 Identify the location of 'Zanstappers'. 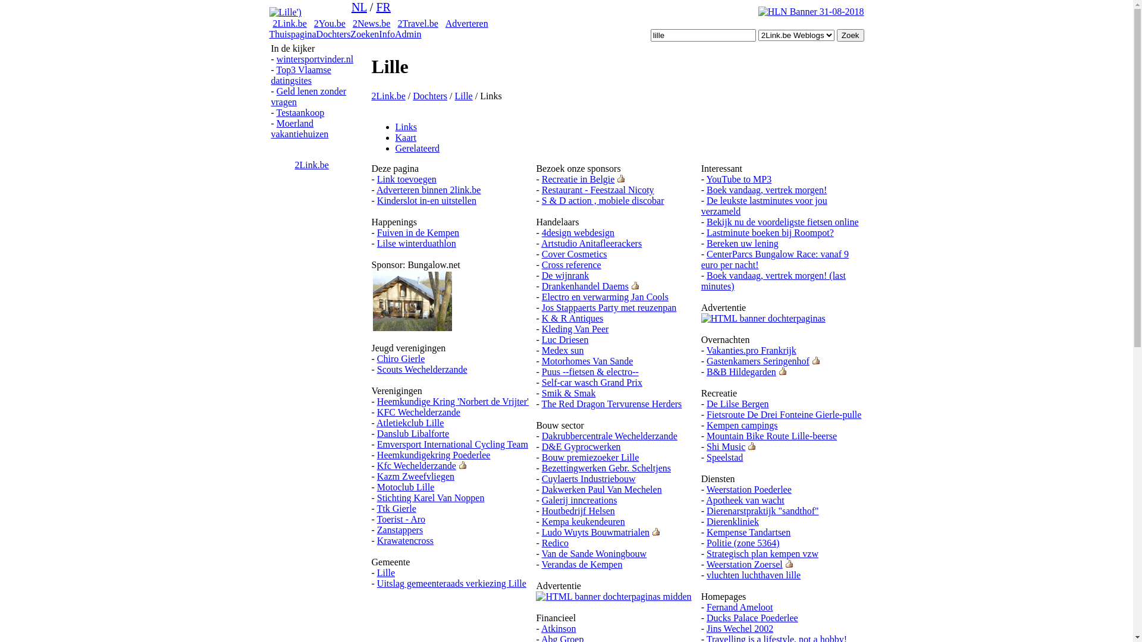
(400, 529).